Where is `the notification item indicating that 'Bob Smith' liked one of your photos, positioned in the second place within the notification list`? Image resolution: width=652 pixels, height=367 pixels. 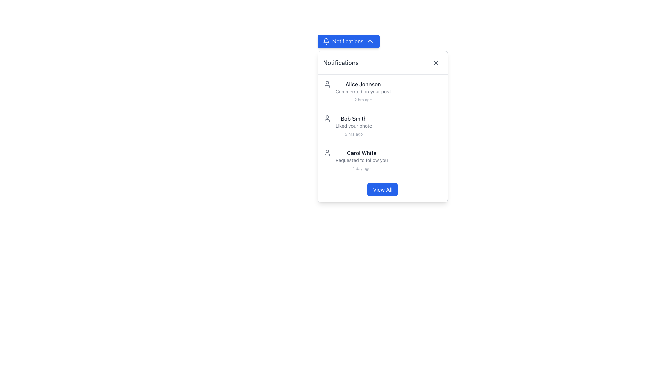 the notification item indicating that 'Bob Smith' liked one of your photos, positioned in the second place within the notification list is located at coordinates (353, 126).